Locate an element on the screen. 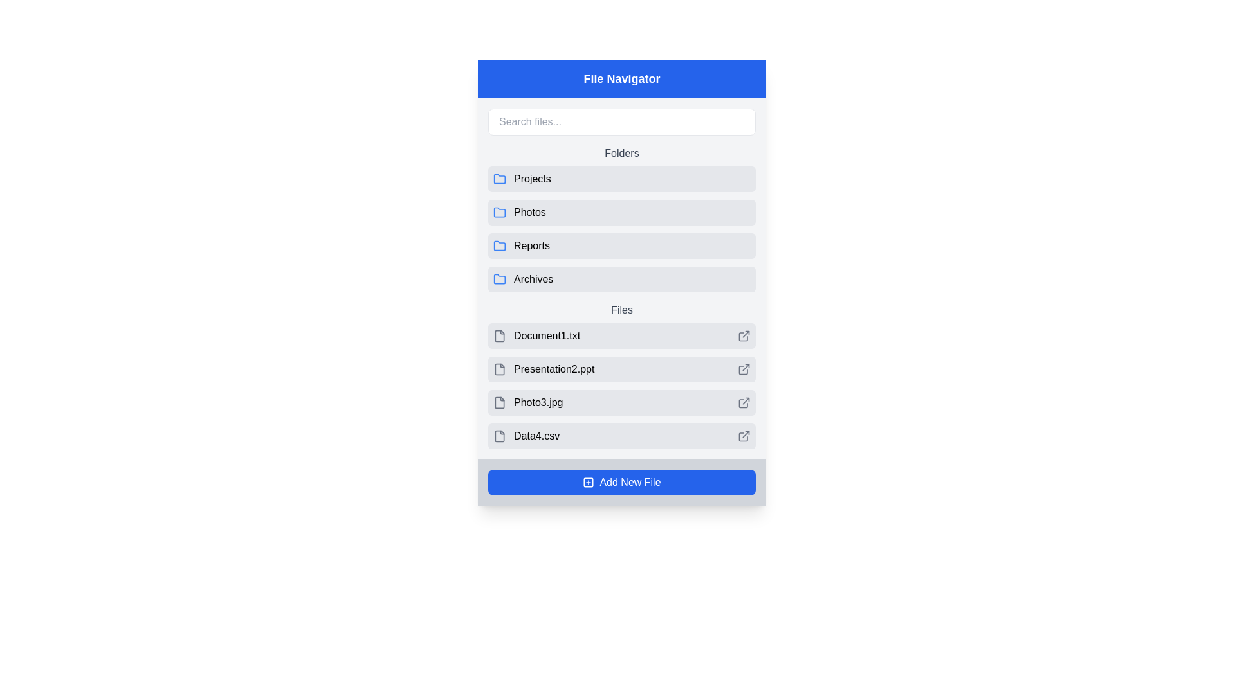  the 'Archives' text label located in the fourth row of the navigation list under the 'Folders' section is located at coordinates (533, 279).